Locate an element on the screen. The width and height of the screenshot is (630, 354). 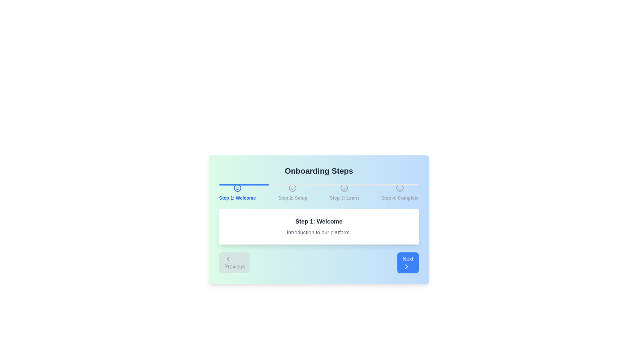
the fourth step icon in the onboarding process, which visually indicates that this step is marked as complete is located at coordinates (399, 188).